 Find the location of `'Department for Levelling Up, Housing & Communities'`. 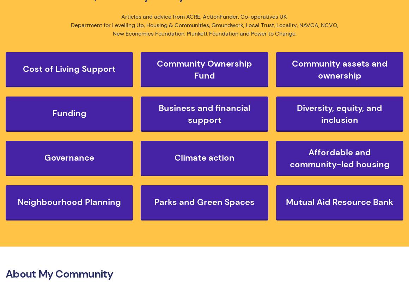

'Department for Levelling Up, Housing & Communities' is located at coordinates (139, 25).